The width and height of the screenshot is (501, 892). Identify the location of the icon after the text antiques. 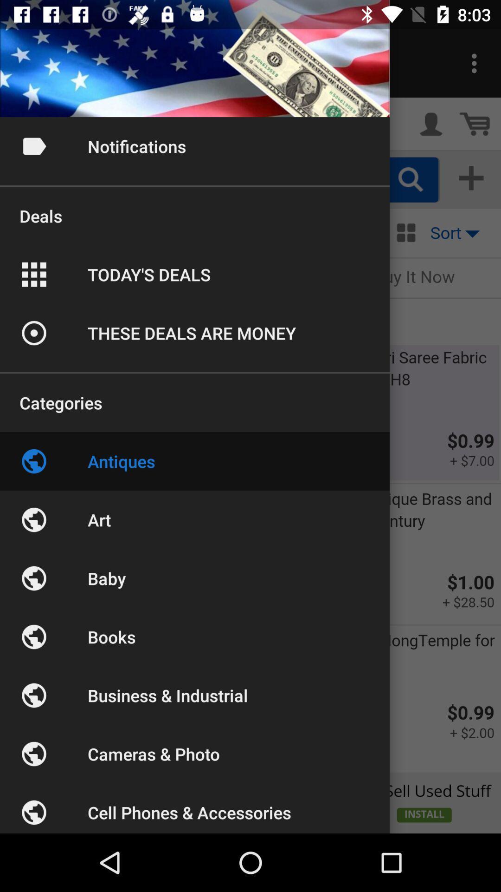
(33, 519).